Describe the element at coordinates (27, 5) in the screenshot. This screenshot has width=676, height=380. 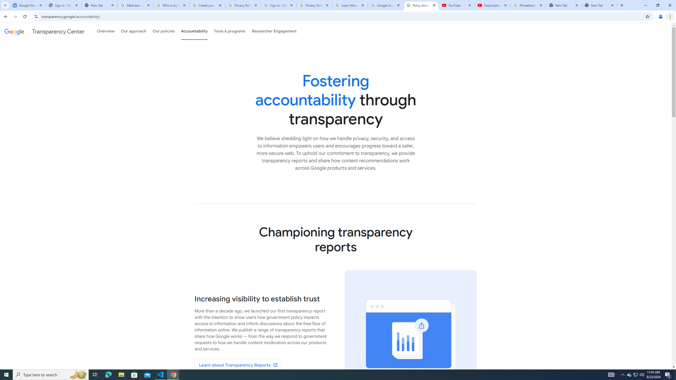
I see `'Google News'` at that location.